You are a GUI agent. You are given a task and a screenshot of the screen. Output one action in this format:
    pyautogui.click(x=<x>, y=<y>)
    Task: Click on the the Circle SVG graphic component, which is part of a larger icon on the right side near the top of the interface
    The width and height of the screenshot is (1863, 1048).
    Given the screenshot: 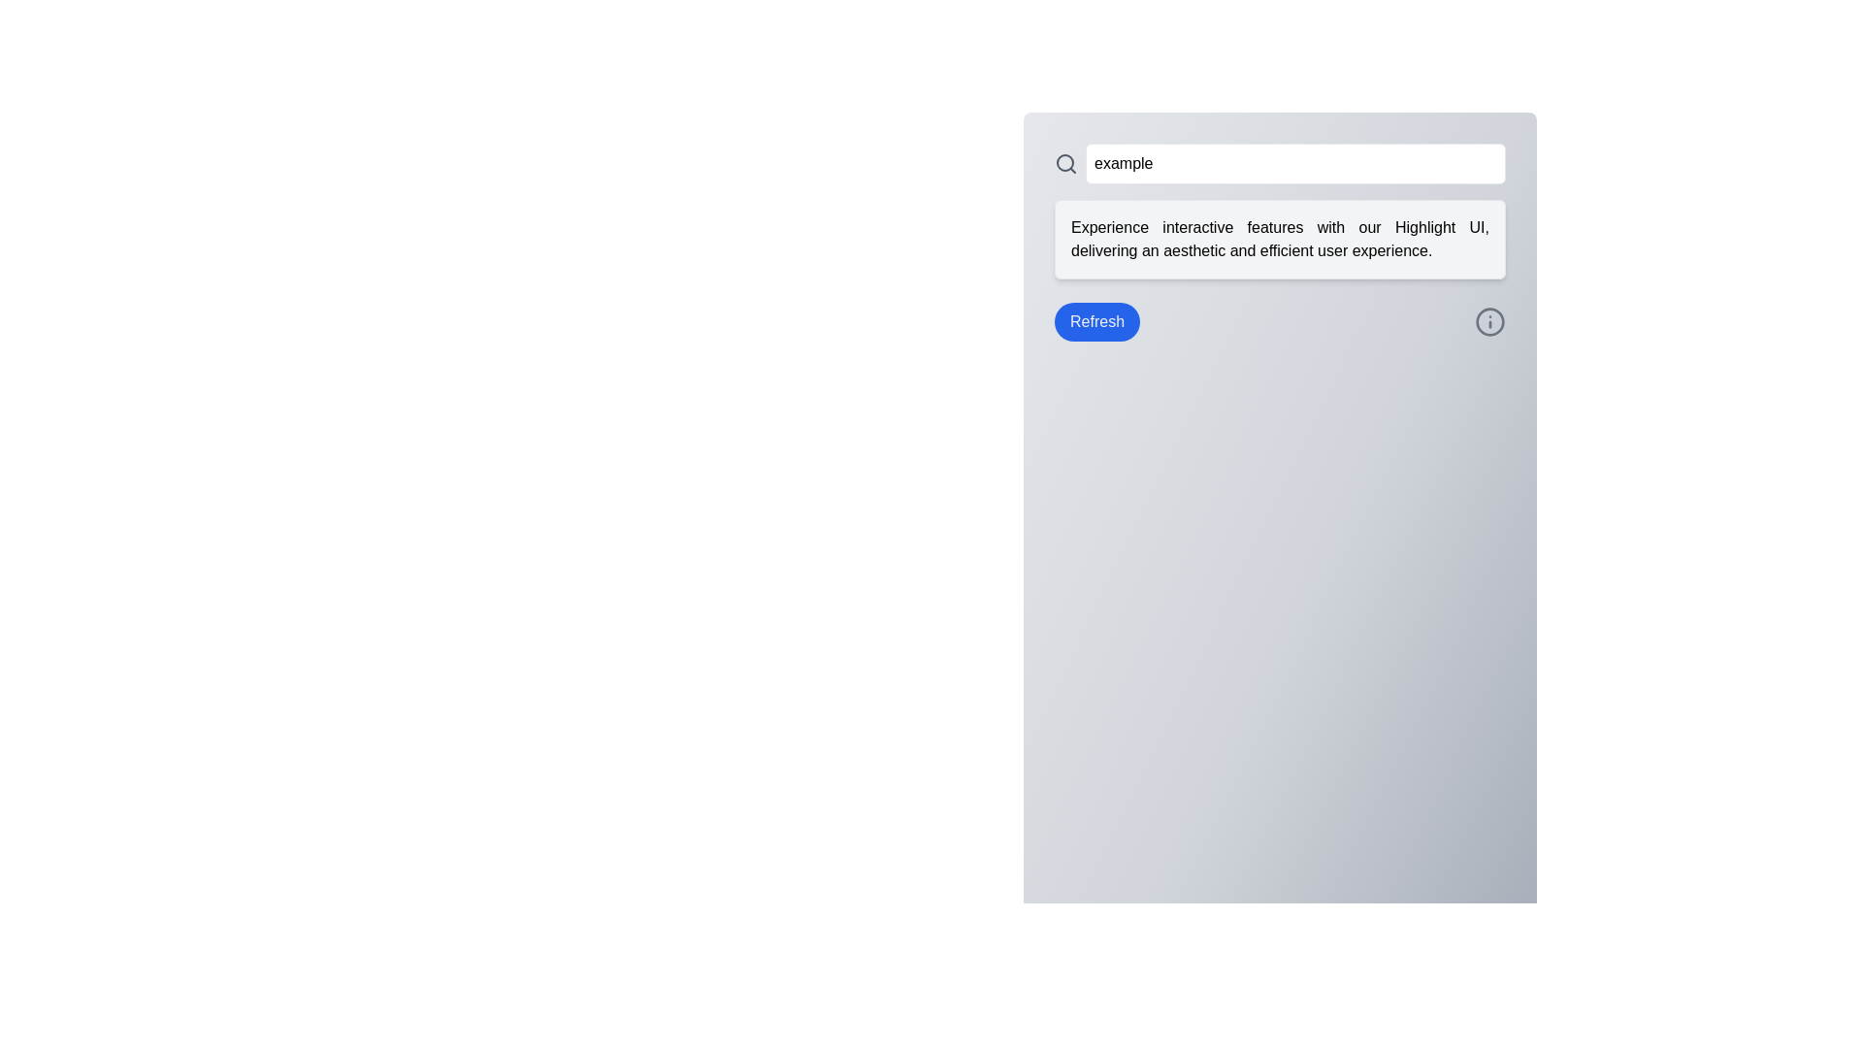 What is the action you would take?
    pyautogui.click(x=1489, y=320)
    